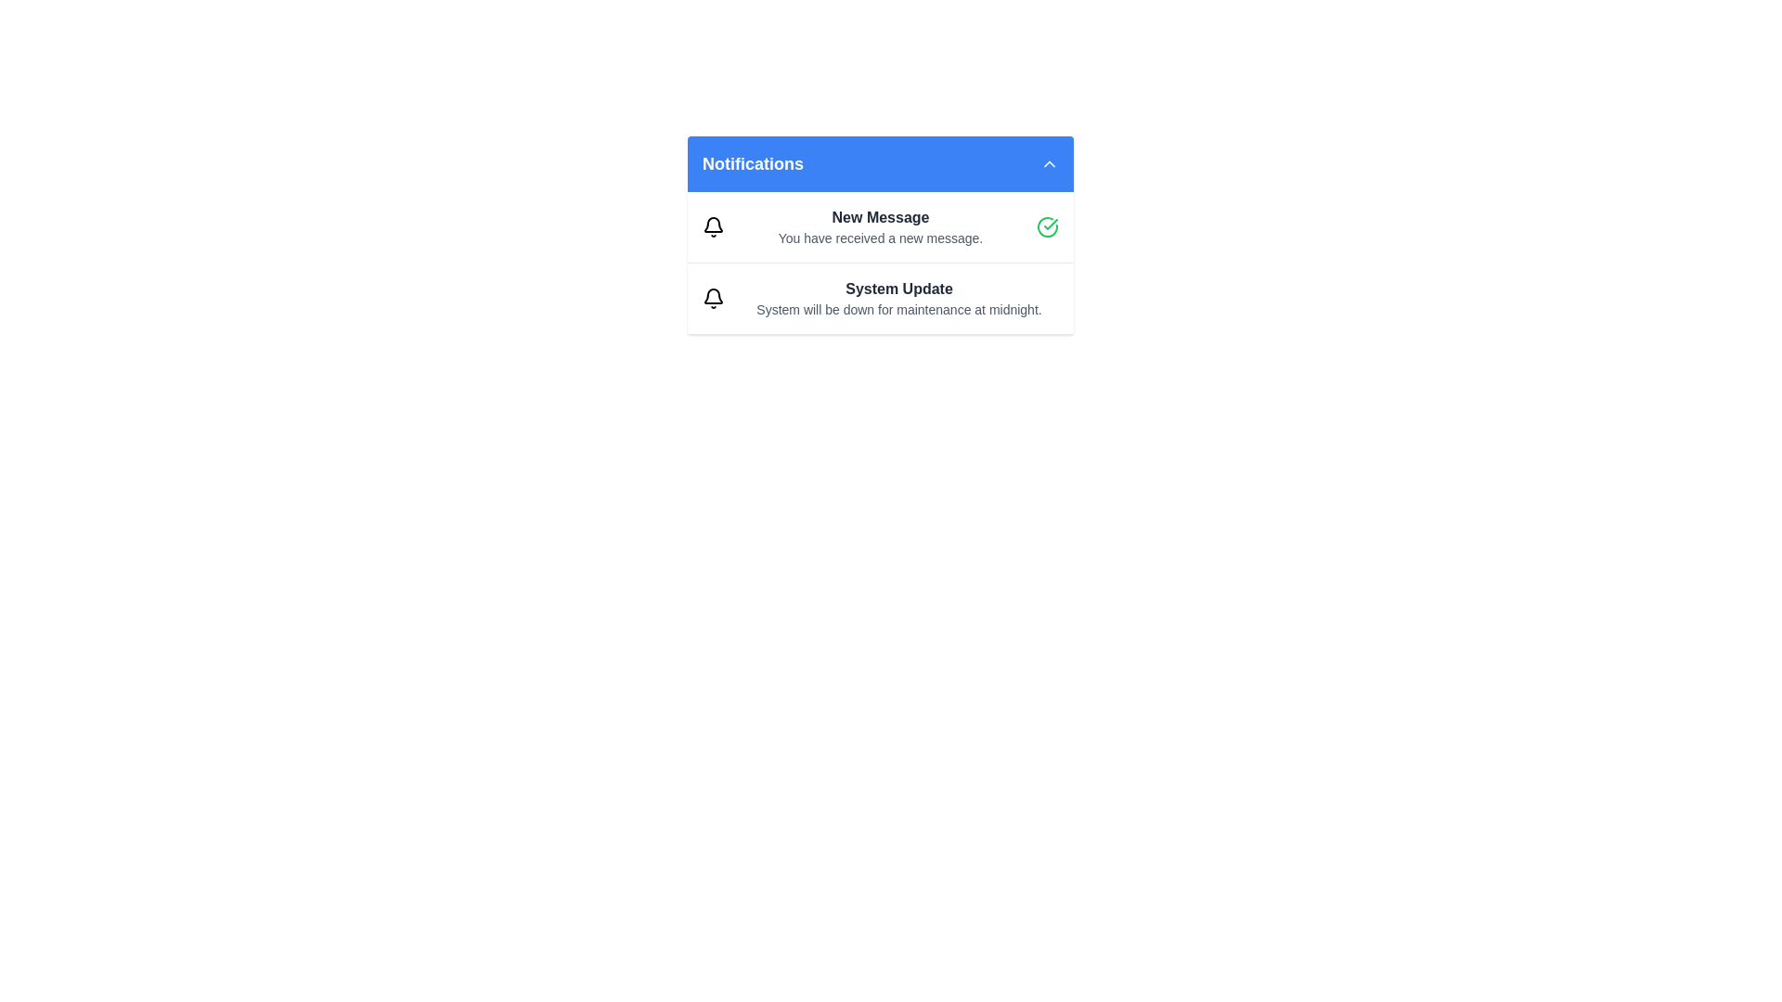  Describe the element at coordinates (880, 226) in the screenshot. I see `the Text block element displaying 'New Message'` at that location.